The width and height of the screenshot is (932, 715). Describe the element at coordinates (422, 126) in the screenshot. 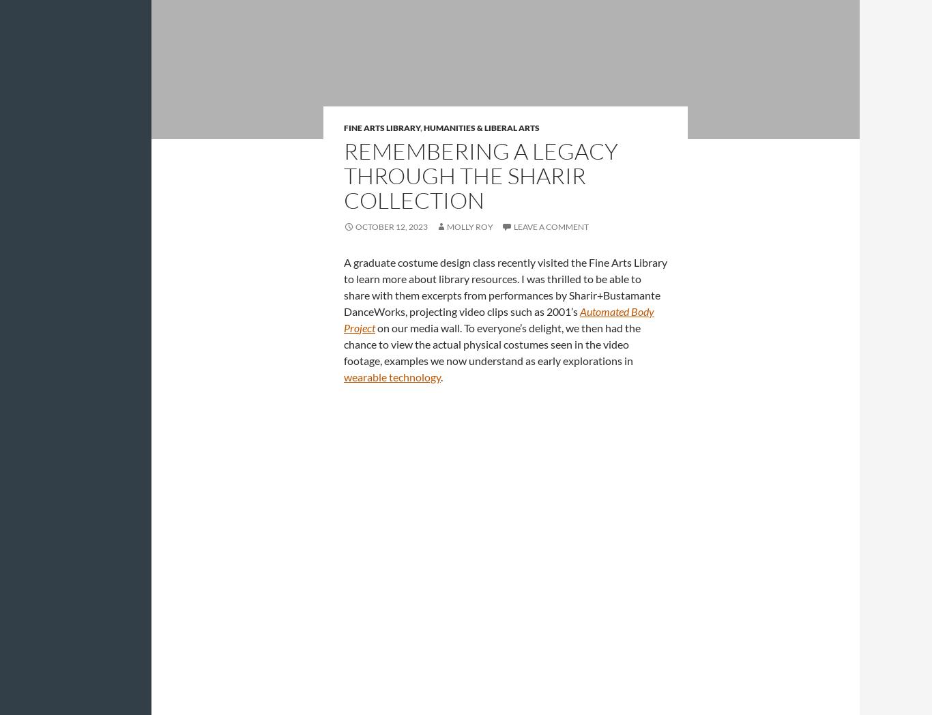

I see `'Humanities & Liberal Arts'` at that location.